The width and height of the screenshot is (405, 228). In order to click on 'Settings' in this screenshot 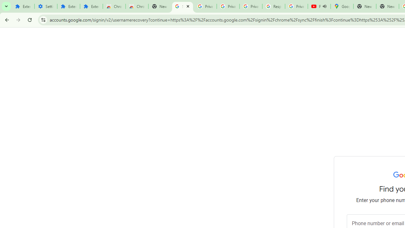, I will do `click(45, 6)`.